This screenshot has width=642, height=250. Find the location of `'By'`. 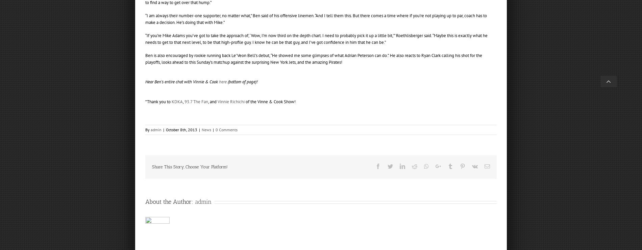

'By' is located at coordinates (147, 130).